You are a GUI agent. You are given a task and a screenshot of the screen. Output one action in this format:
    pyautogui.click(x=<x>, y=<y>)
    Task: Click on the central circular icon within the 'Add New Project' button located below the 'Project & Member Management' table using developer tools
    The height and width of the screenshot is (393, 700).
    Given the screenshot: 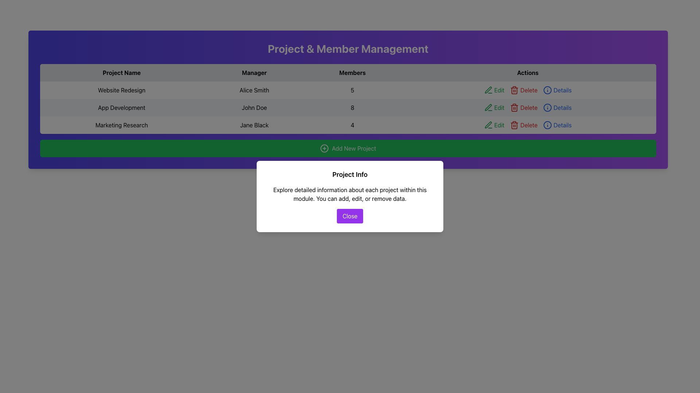 What is the action you would take?
    pyautogui.click(x=324, y=148)
    